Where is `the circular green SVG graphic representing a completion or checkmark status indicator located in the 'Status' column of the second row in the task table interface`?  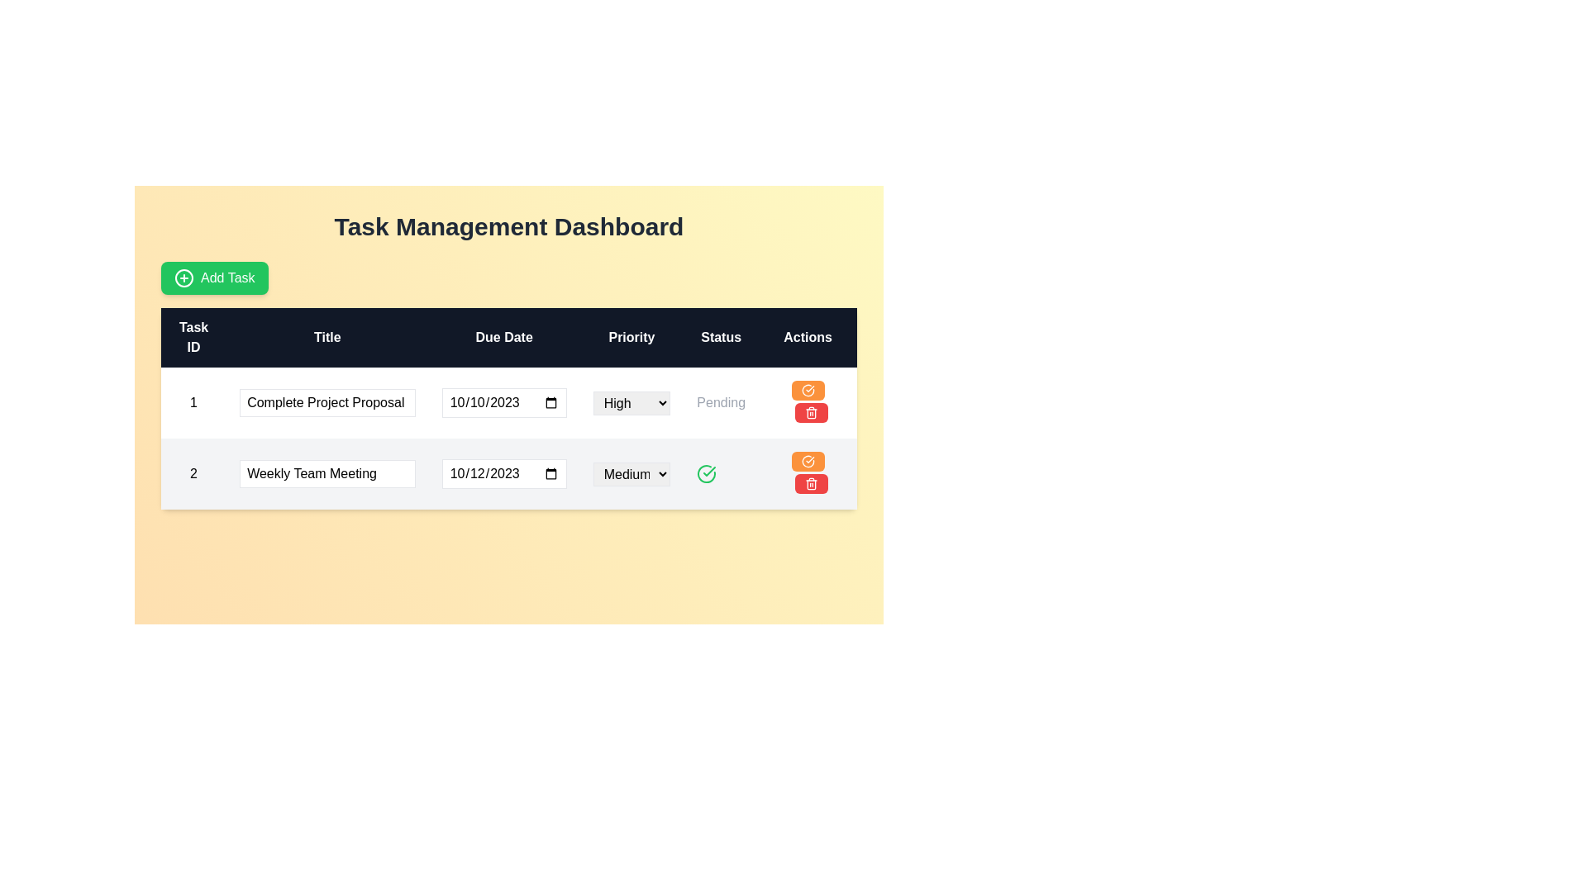
the circular green SVG graphic representing a completion or checkmark status indicator located in the 'Status' column of the second row in the task table interface is located at coordinates (808, 462).